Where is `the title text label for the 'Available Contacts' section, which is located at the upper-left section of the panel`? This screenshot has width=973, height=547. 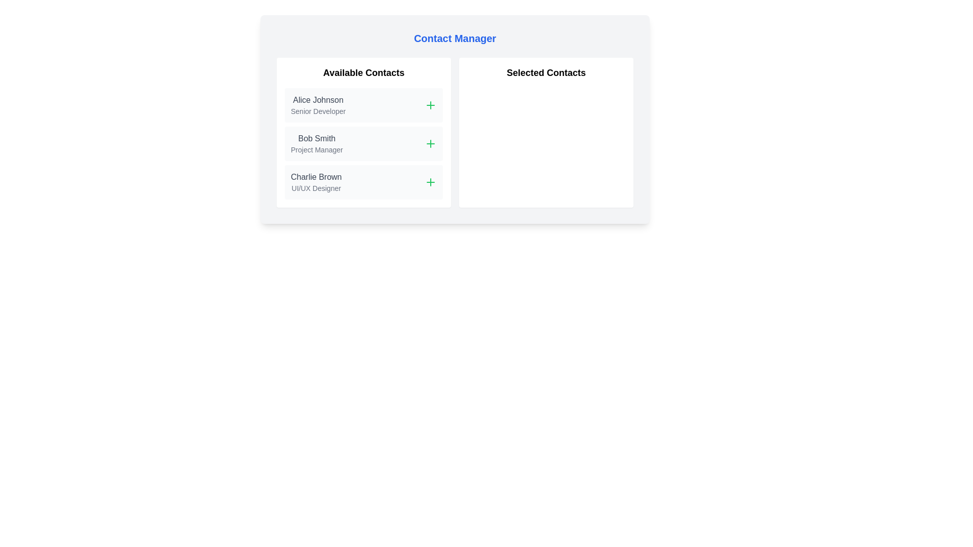
the title text label for the 'Available Contacts' section, which is located at the upper-left section of the panel is located at coordinates (364, 72).